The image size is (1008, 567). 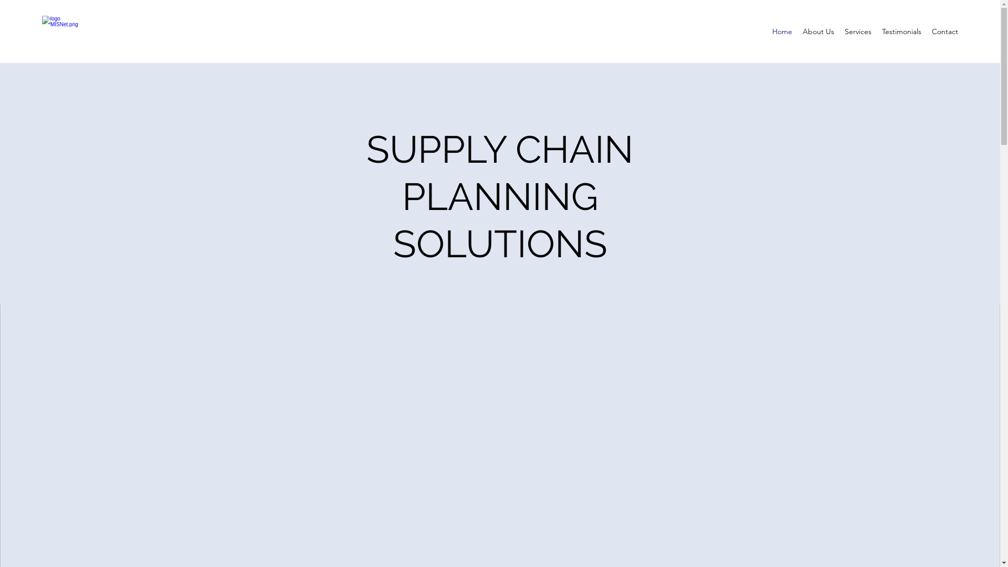 I want to click on 'Services', so click(x=858, y=31).